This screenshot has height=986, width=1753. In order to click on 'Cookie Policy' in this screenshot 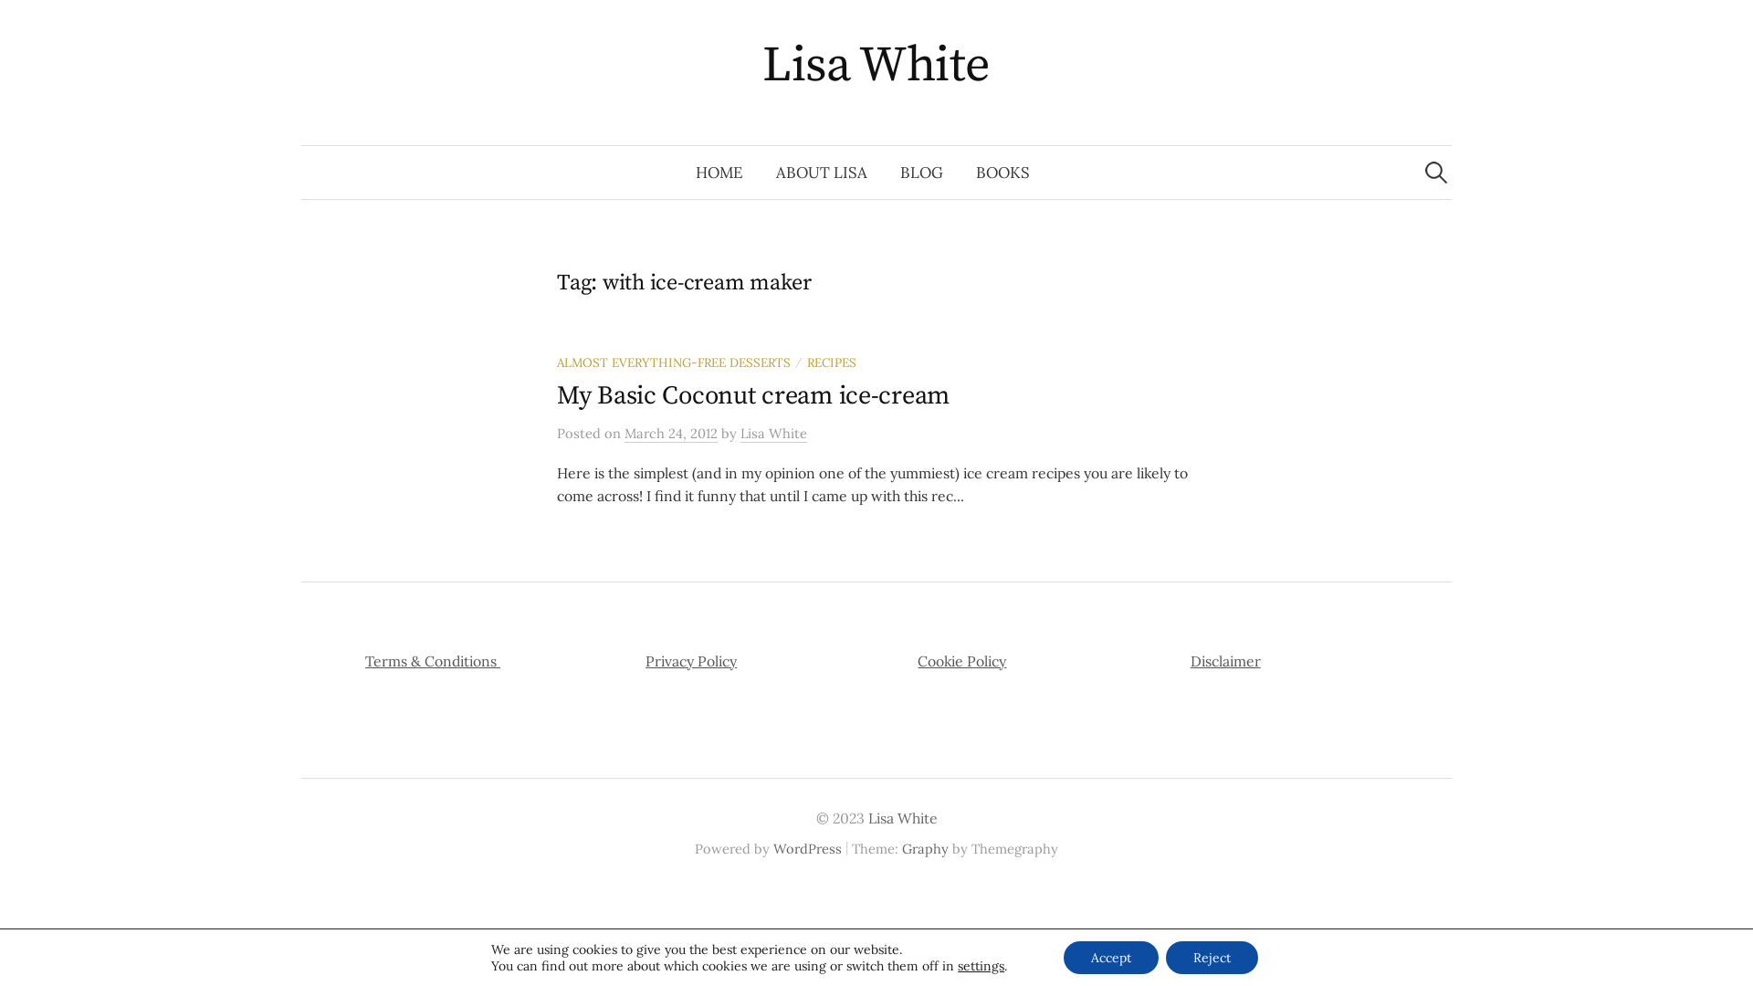, I will do `click(960, 661)`.